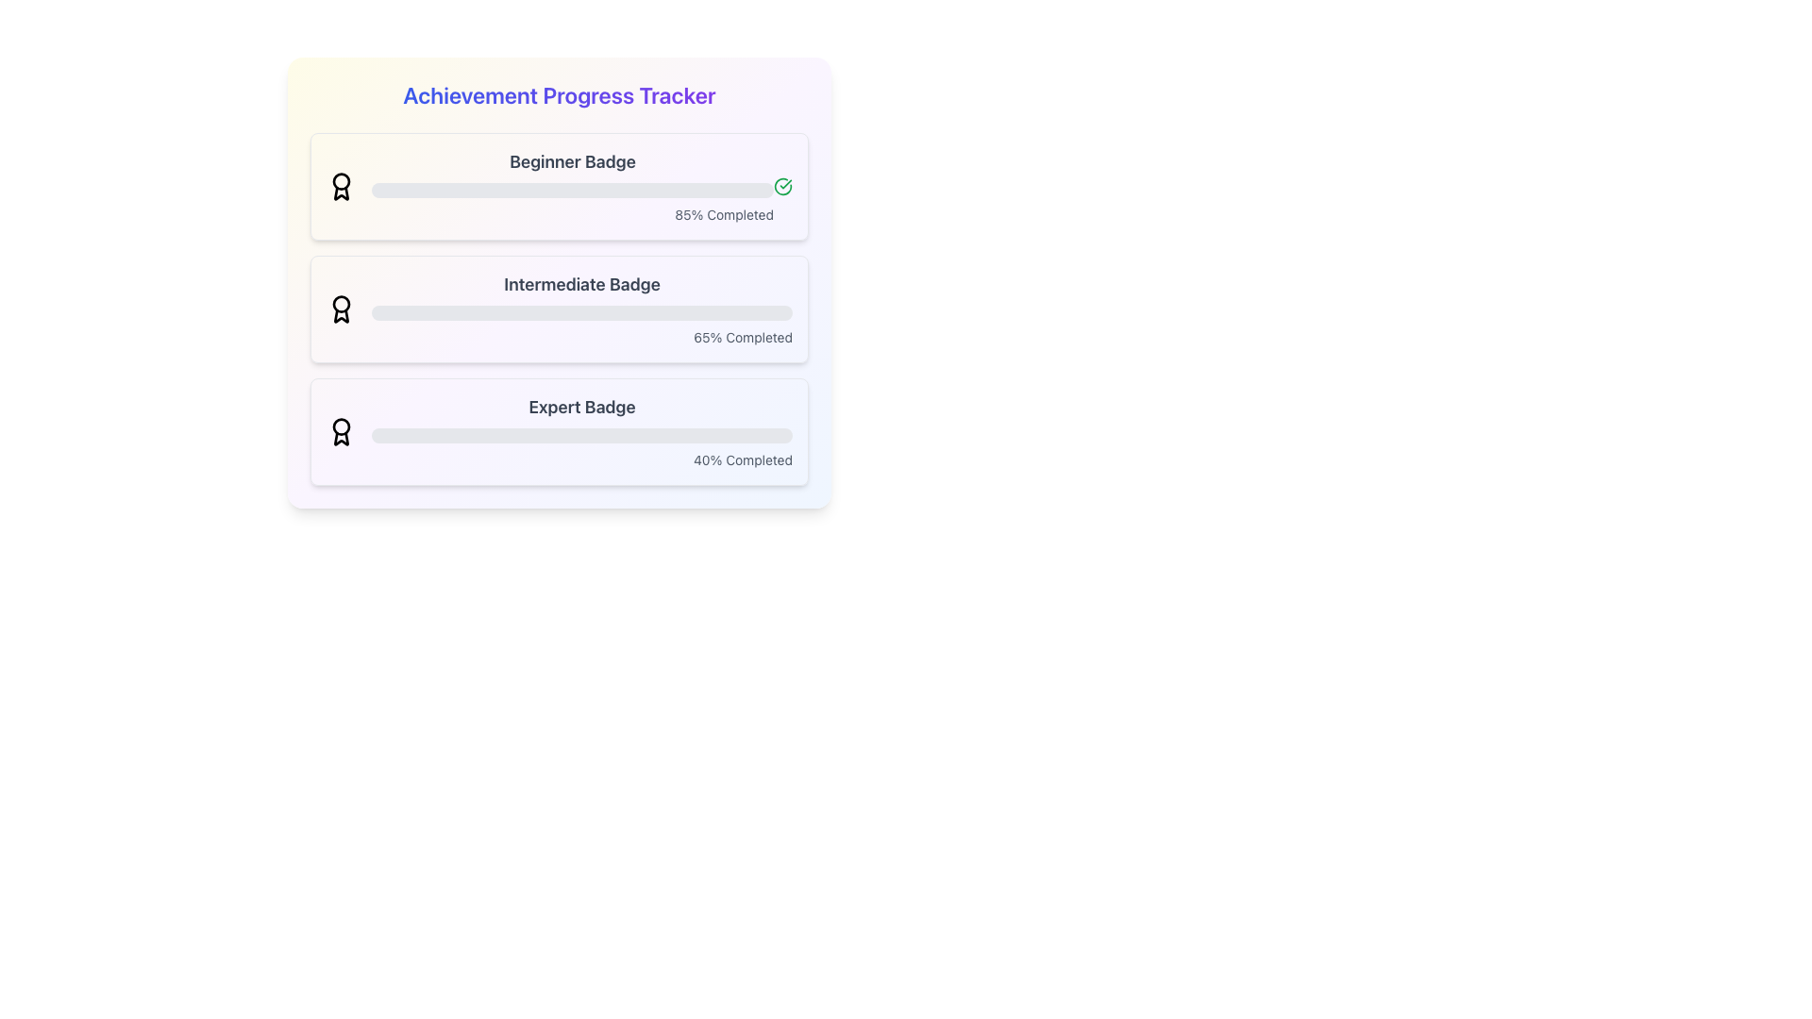 This screenshot has height=1019, width=1812. I want to click on Progress Bar element indicating the completion of the Beginner Badge task, which shows 85% completion, so click(571, 190).